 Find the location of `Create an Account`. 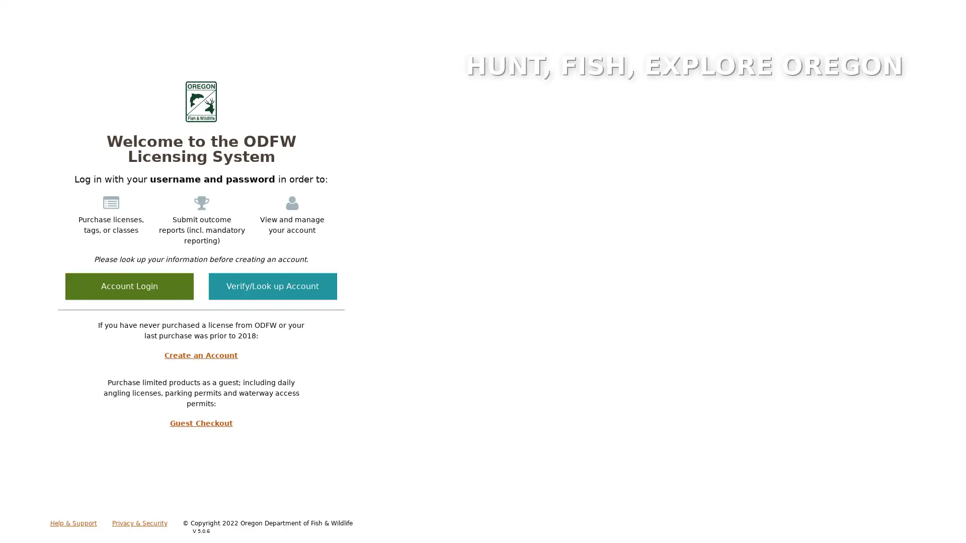

Create an Account is located at coordinates (201, 354).